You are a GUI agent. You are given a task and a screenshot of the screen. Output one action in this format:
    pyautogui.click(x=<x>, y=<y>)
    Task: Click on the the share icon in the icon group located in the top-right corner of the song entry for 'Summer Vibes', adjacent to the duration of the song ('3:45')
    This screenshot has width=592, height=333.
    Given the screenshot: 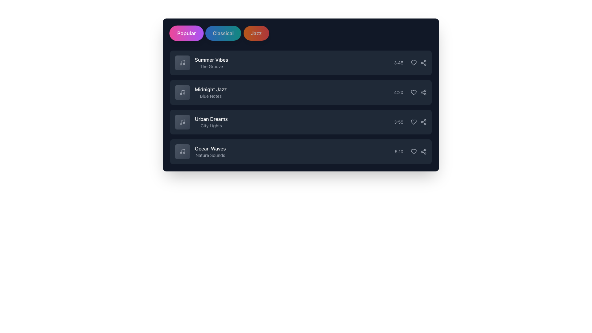 What is the action you would take?
    pyautogui.click(x=419, y=63)
    